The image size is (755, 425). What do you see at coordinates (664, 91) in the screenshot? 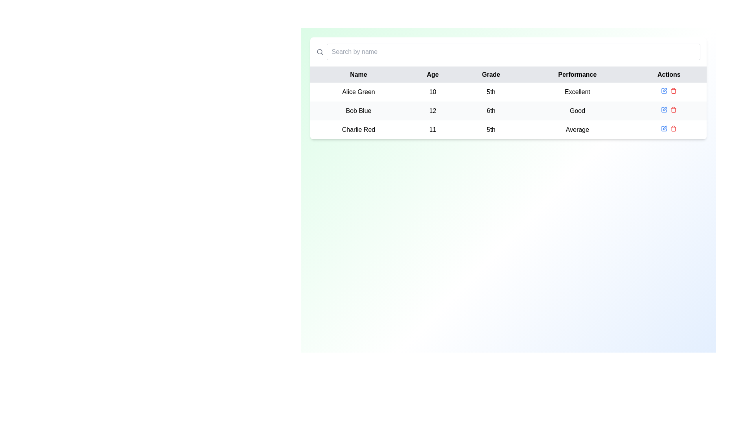
I see `the leftmost edit button in the 'Actions' column for the 'Excellent' performance row to initiate editing` at bounding box center [664, 91].